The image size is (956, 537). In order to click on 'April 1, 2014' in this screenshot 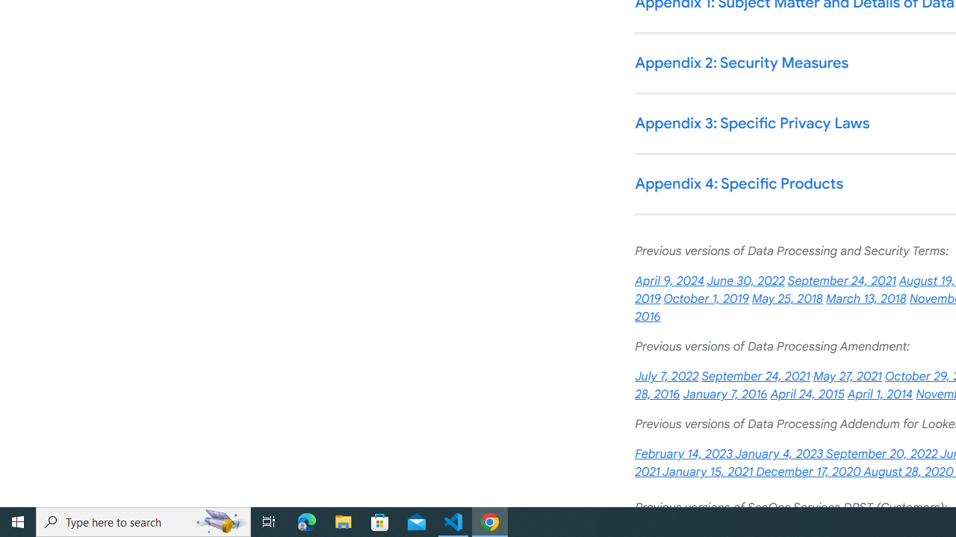, I will do `click(880, 394)`.